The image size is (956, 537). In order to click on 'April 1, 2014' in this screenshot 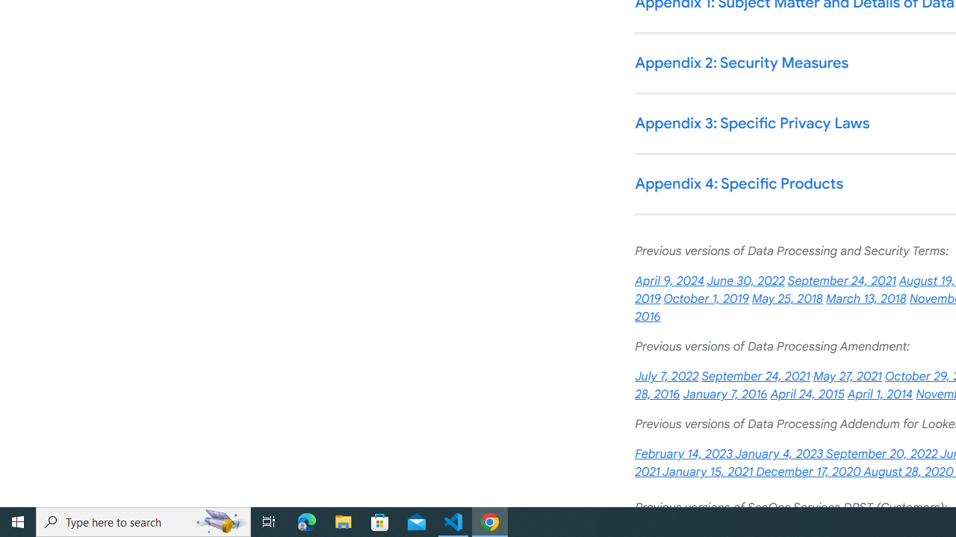, I will do `click(880, 394)`.